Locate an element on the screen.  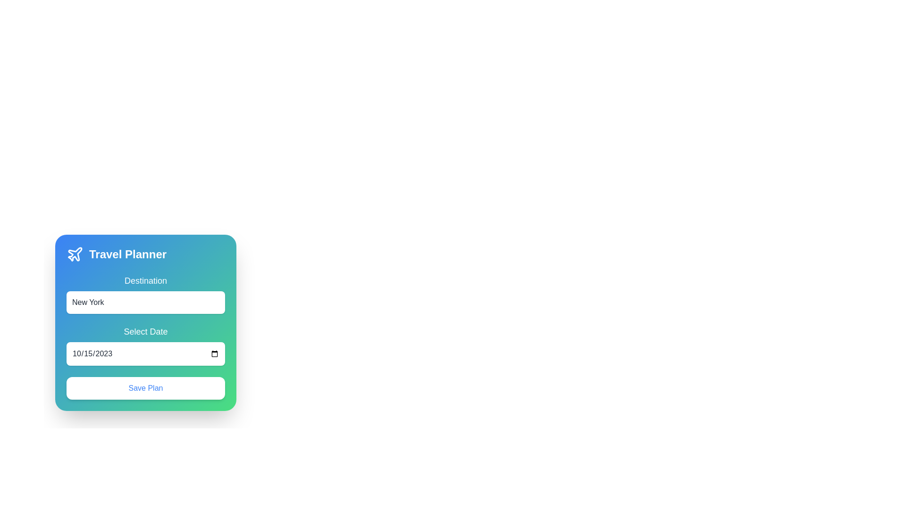
the Date Input Field located below the 'Destination' text field and above the 'Save Plan' button within the 'Travel Planner' card to focus on it is located at coordinates (145, 345).